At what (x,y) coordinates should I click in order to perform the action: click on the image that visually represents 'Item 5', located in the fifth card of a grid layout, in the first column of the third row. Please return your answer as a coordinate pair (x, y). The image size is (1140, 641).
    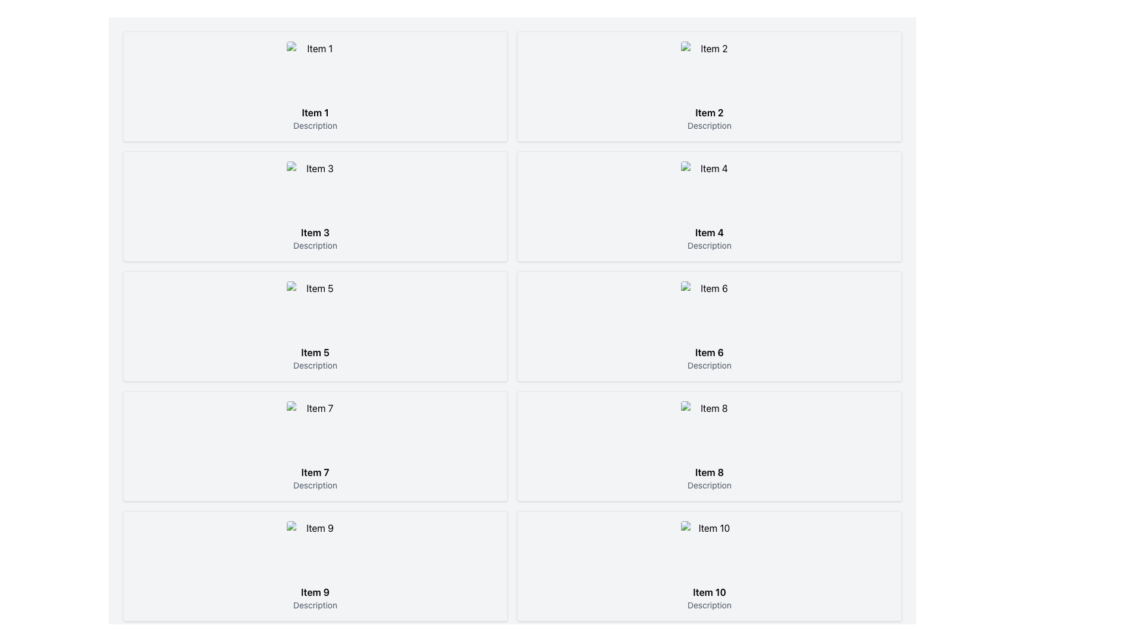
    Looking at the image, I should click on (315, 309).